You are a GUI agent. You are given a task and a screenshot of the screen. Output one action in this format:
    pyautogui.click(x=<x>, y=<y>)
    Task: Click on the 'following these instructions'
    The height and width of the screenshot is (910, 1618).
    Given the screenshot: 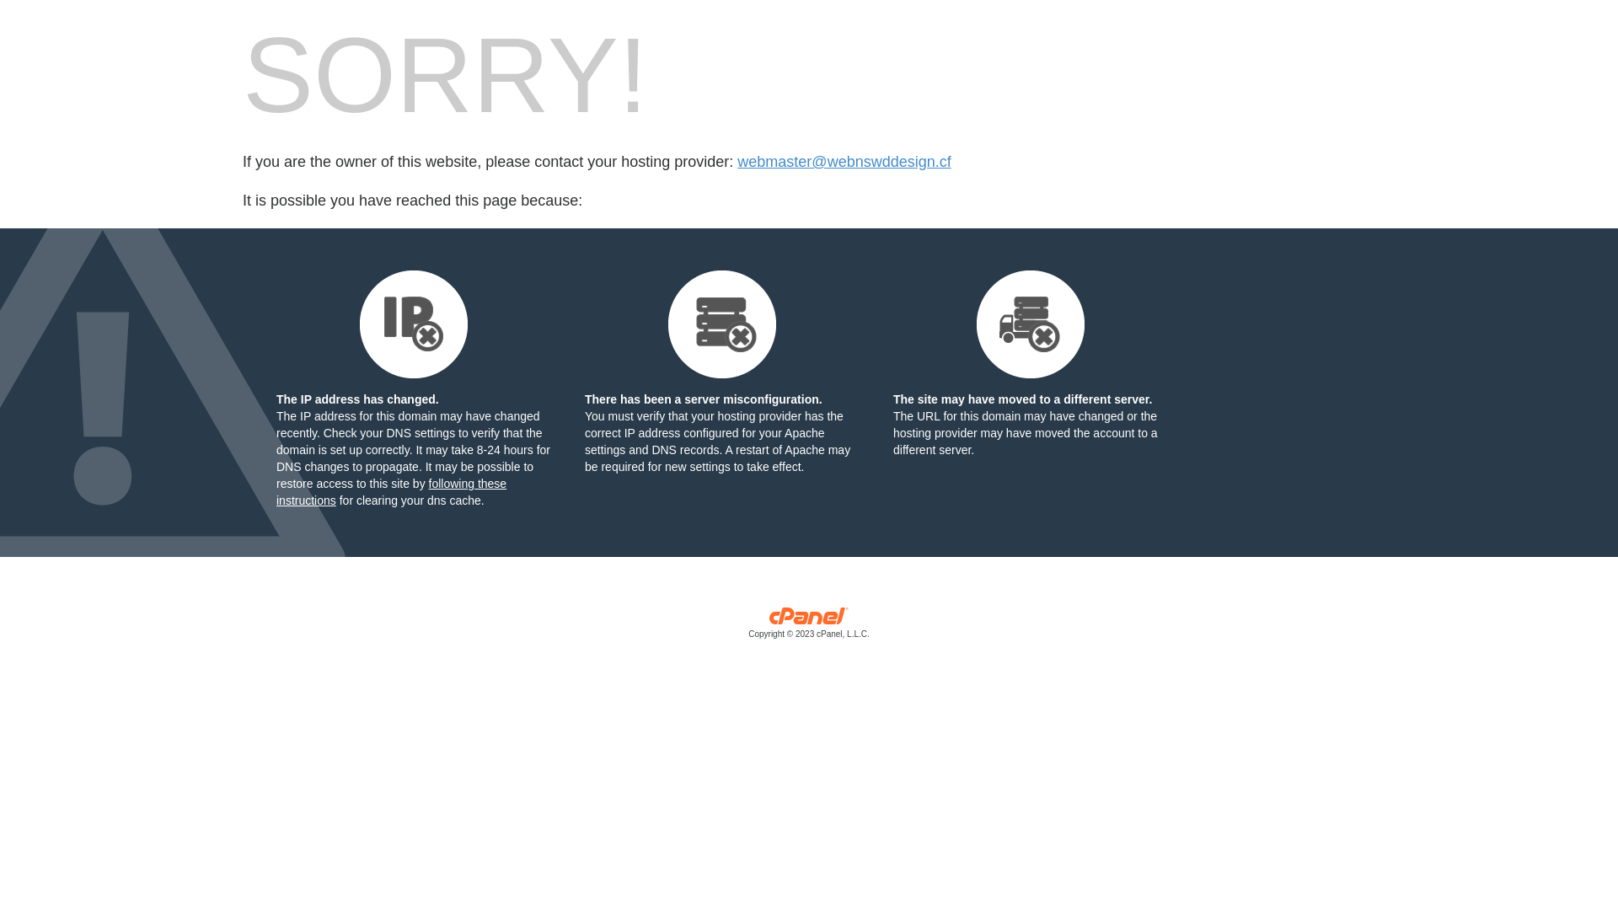 What is the action you would take?
    pyautogui.click(x=390, y=491)
    